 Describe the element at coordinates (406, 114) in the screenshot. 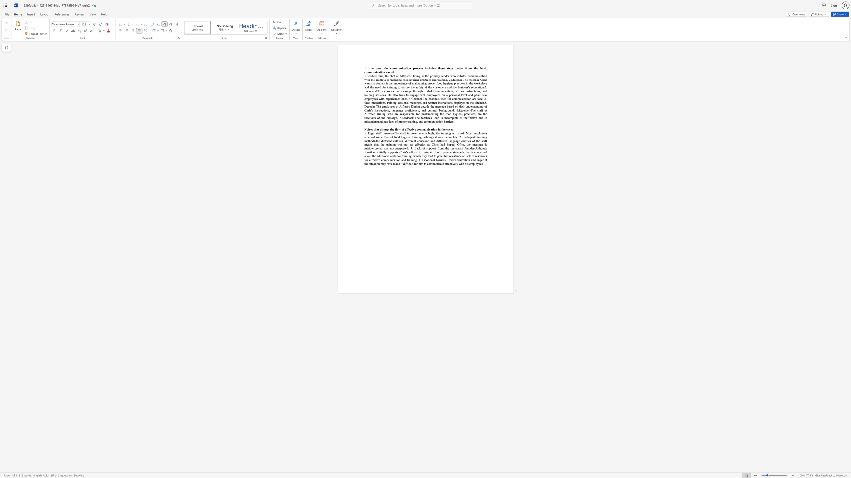

I see `the 1th character "o" in the text` at that location.